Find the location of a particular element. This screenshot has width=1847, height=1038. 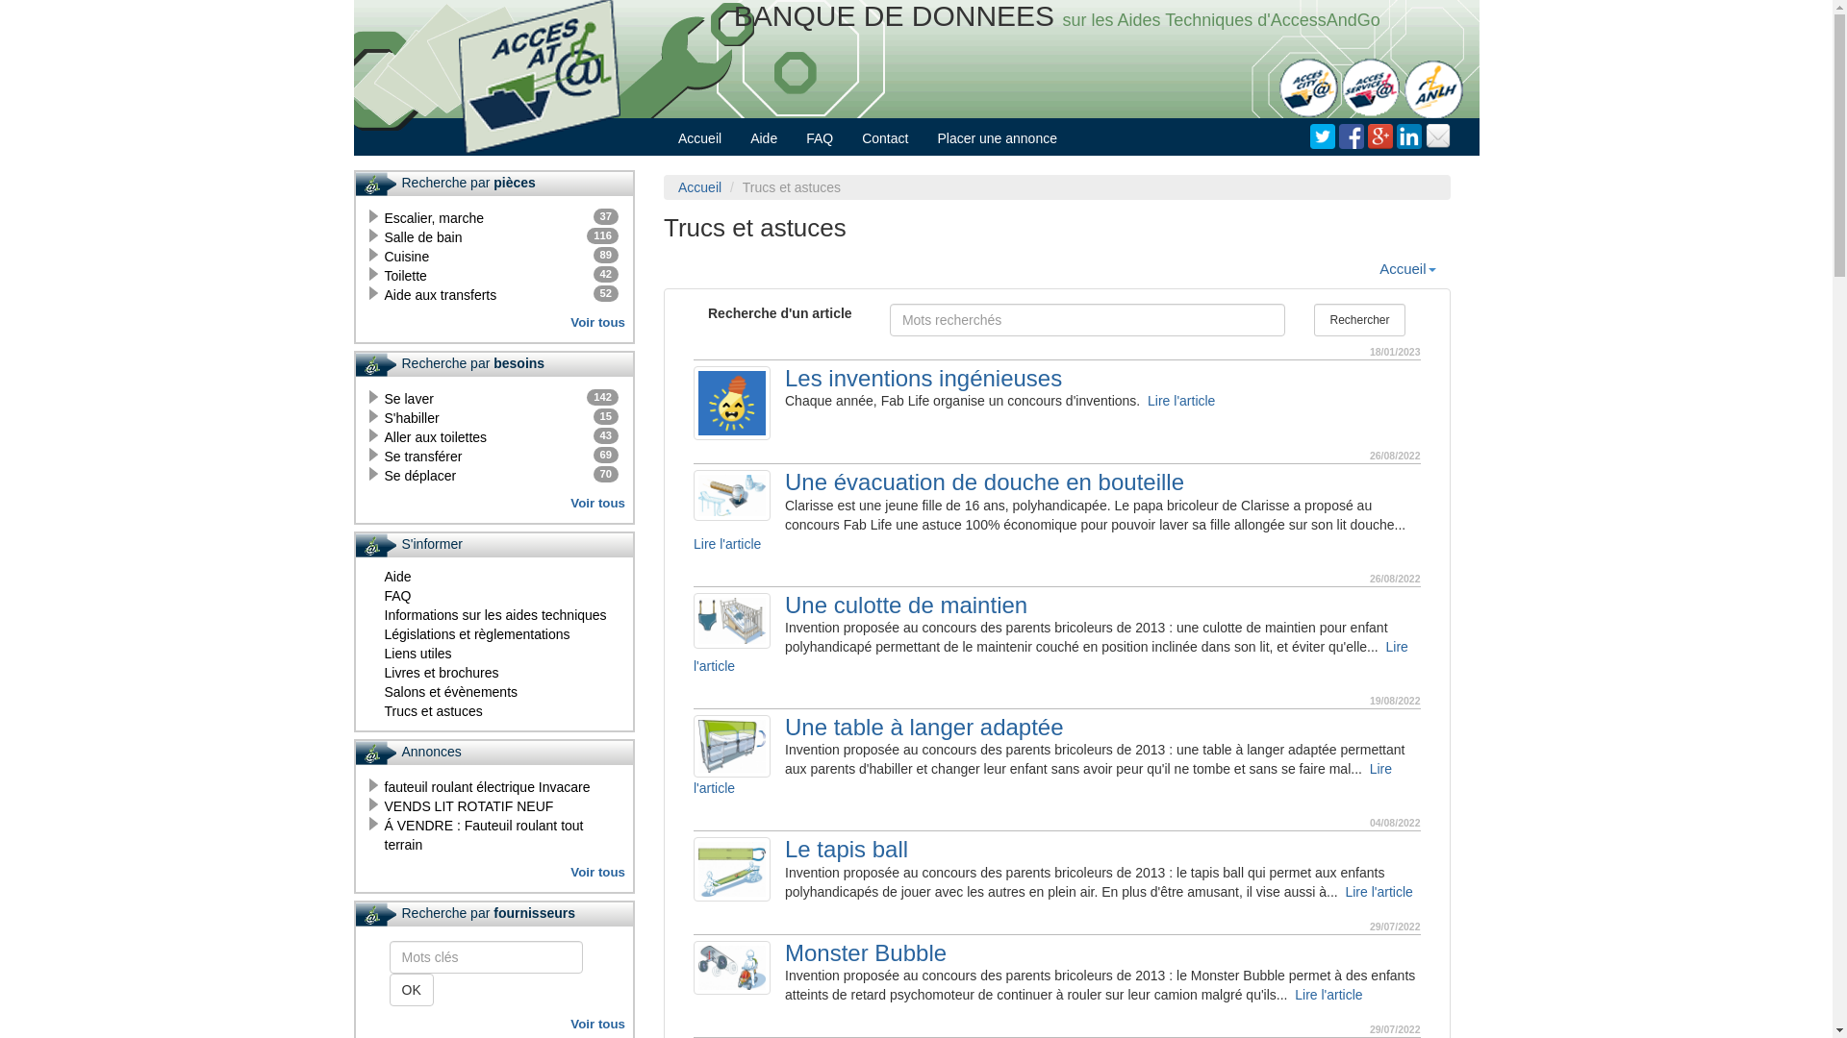

'142 is located at coordinates (408, 398).